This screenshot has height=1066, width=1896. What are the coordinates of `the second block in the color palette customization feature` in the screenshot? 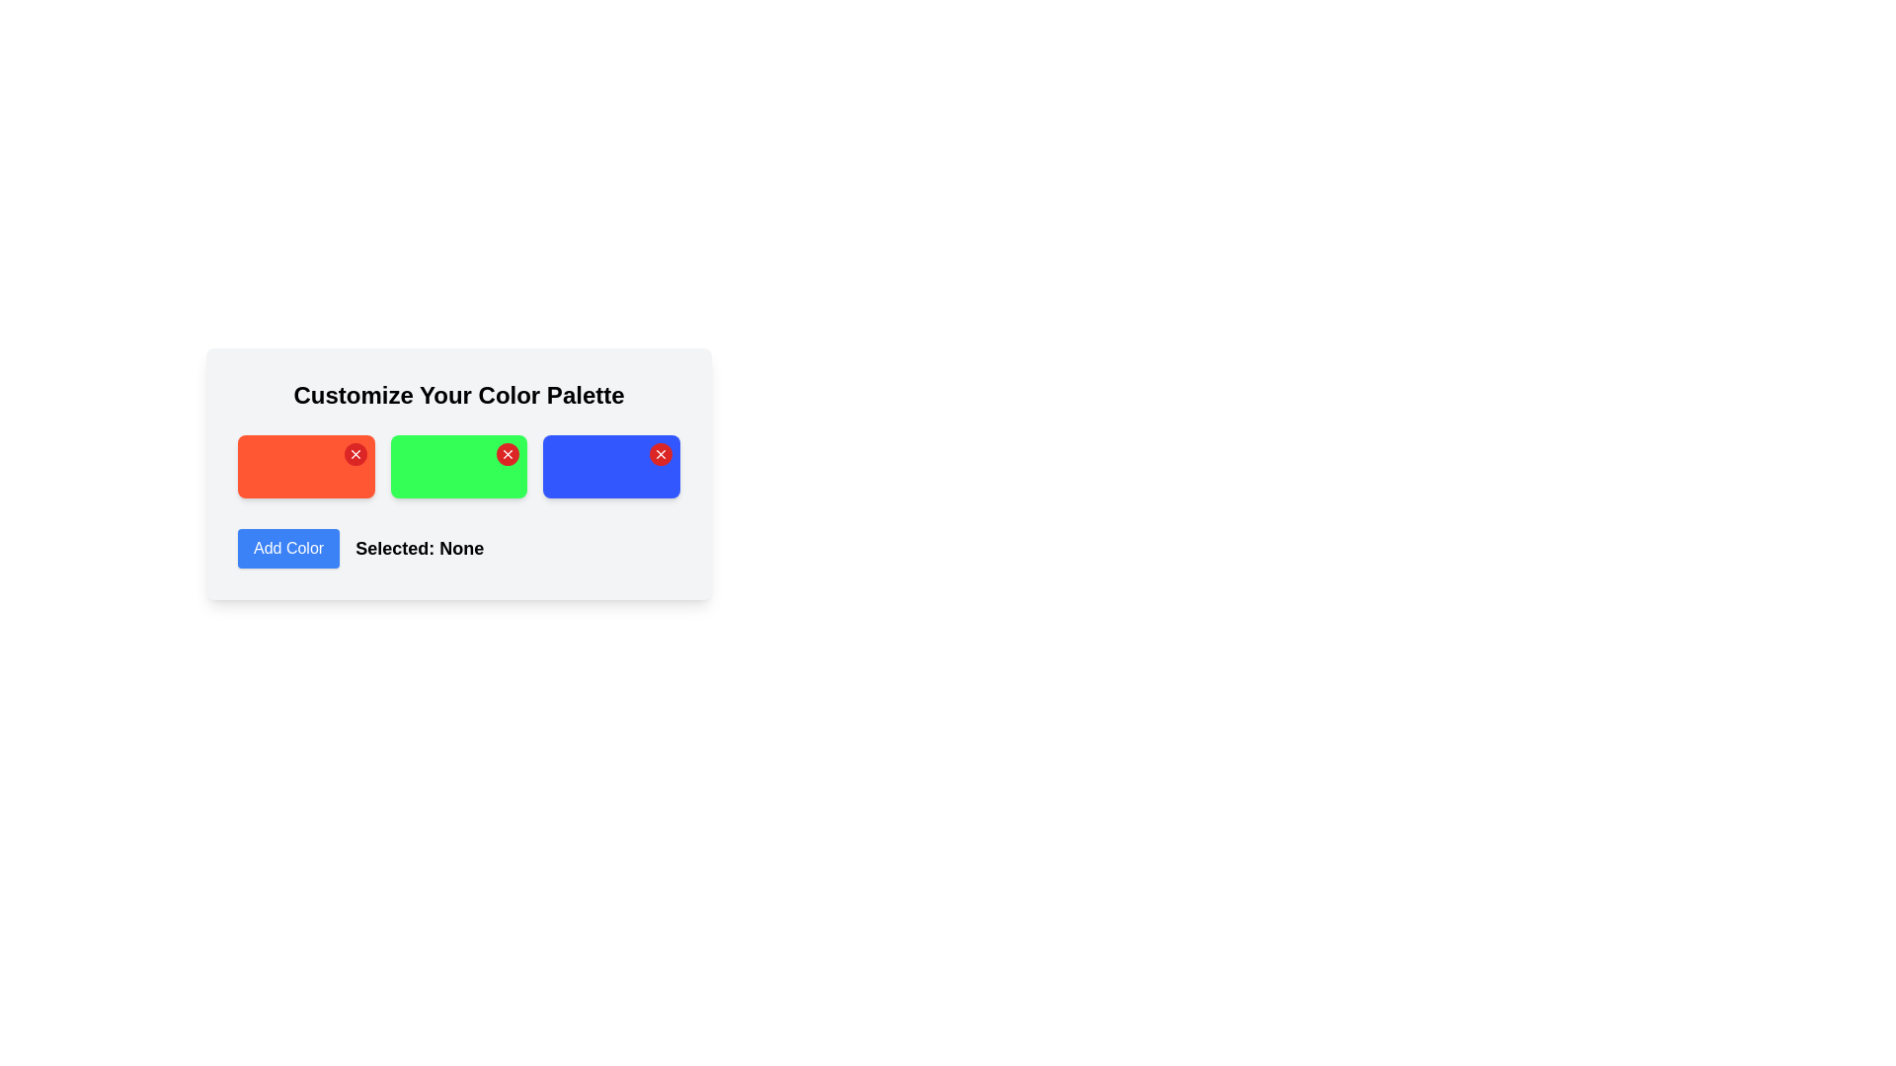 It's located at (458, 470).